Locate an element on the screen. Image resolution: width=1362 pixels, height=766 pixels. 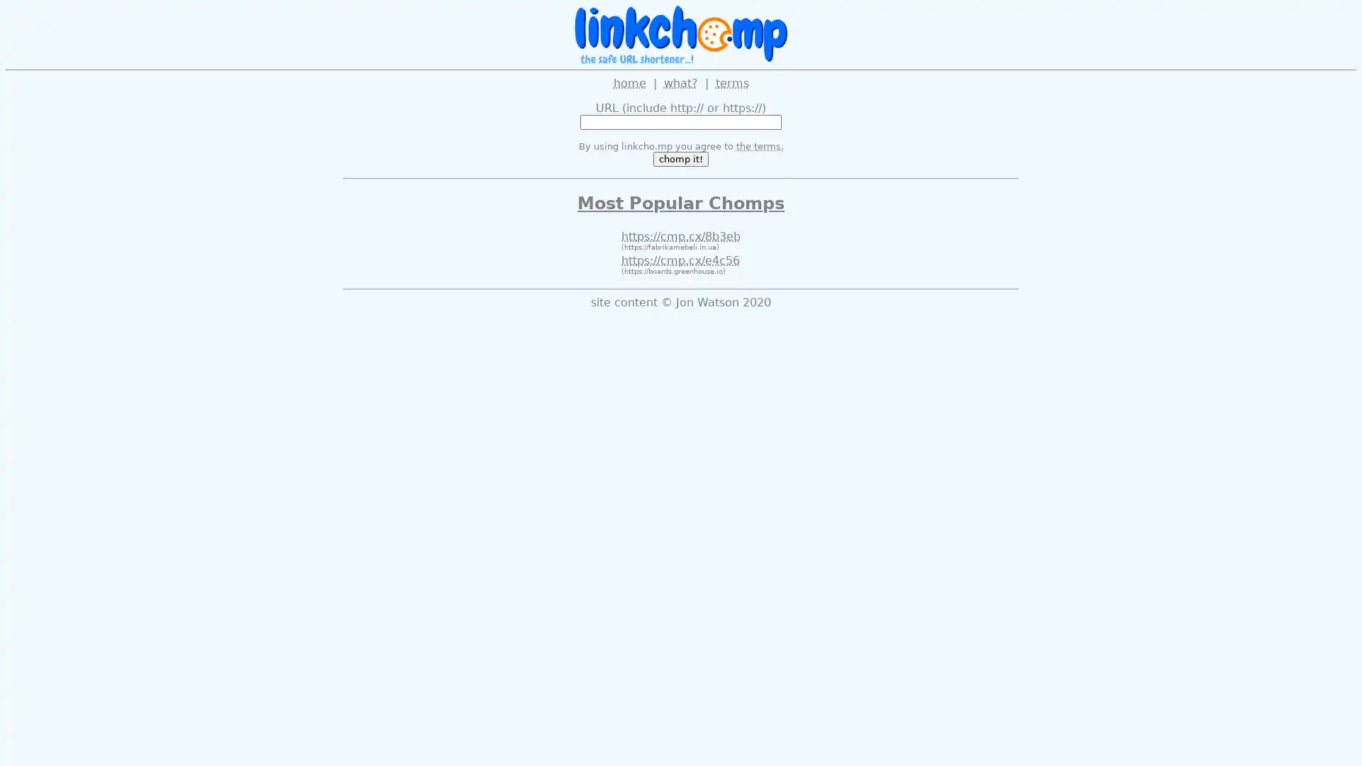
chomp it! is located at coordinates (681, 158).